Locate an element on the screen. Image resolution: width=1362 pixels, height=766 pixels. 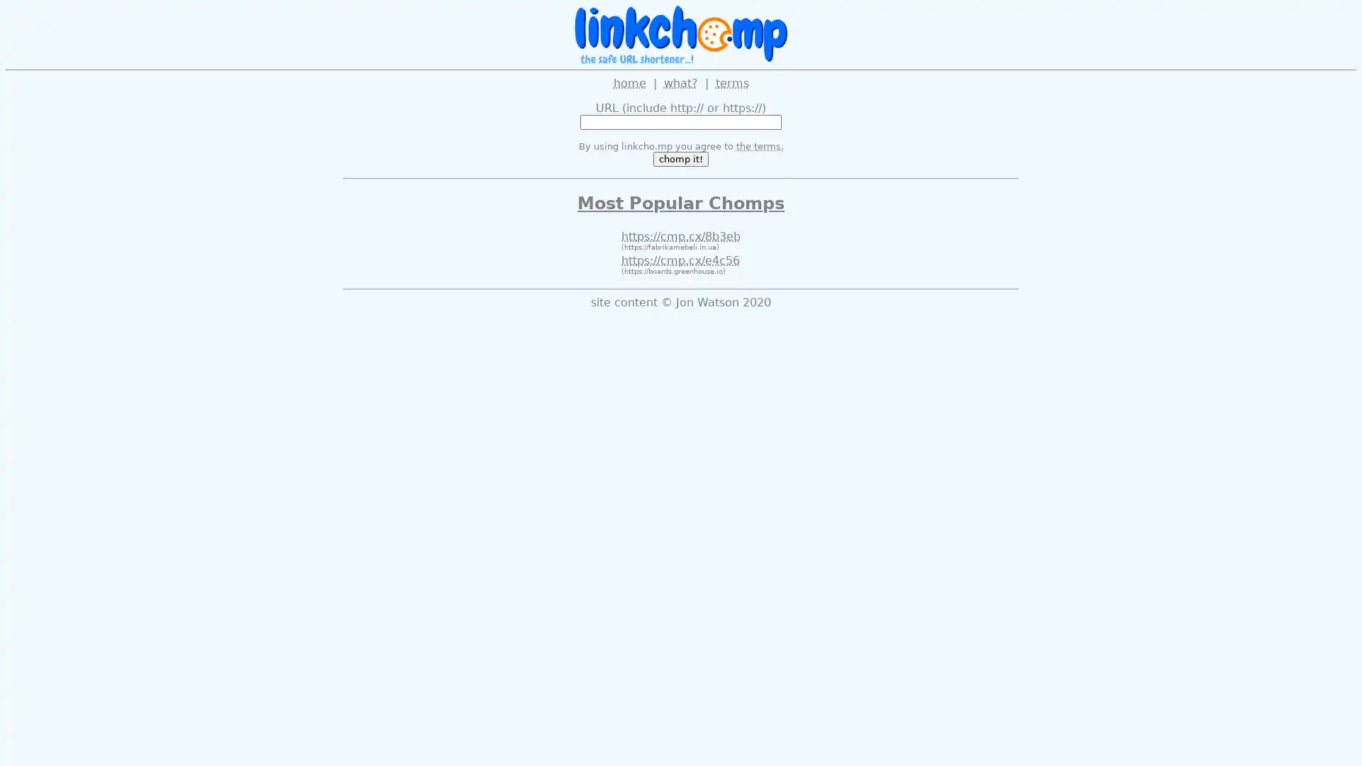
chomp it! is located at coordinates (681, 158).